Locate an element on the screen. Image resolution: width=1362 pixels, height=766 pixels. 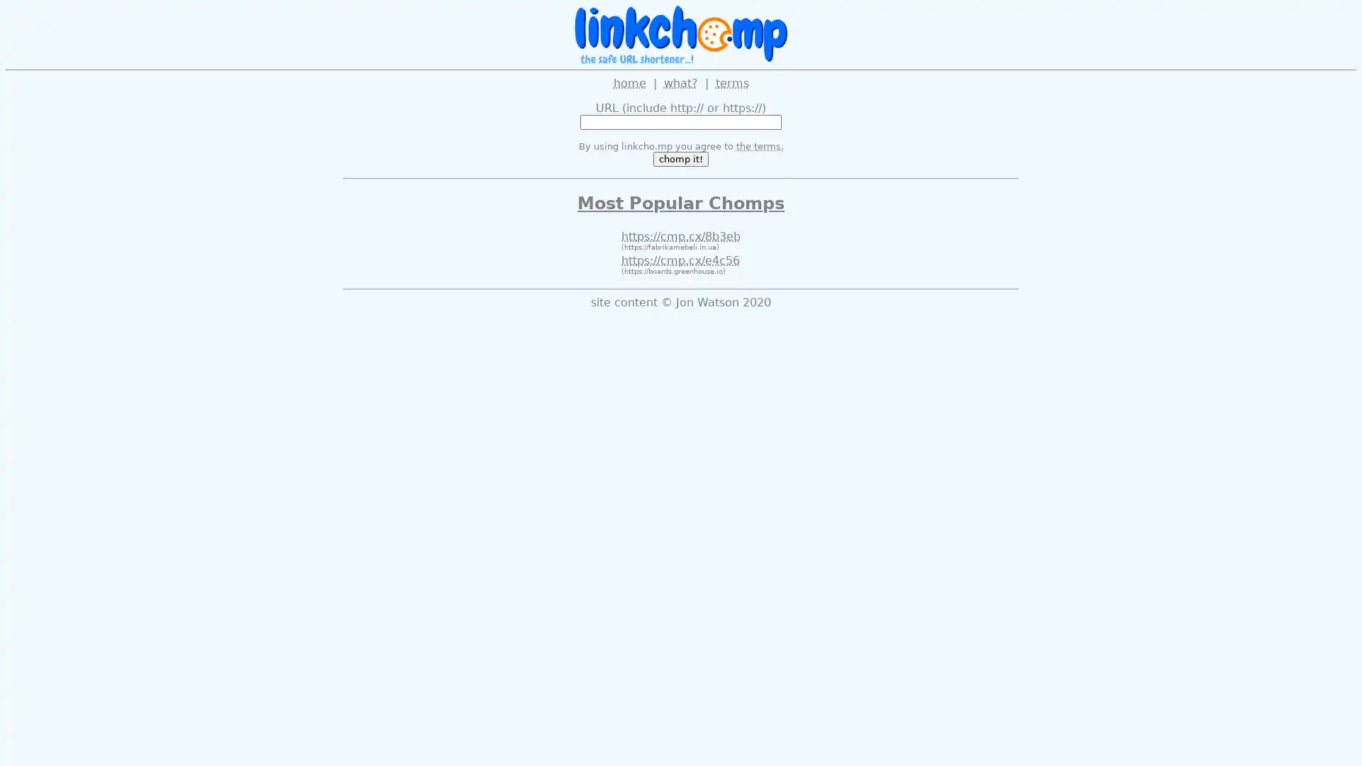
chomp it! is located at coordinates (681, 158).